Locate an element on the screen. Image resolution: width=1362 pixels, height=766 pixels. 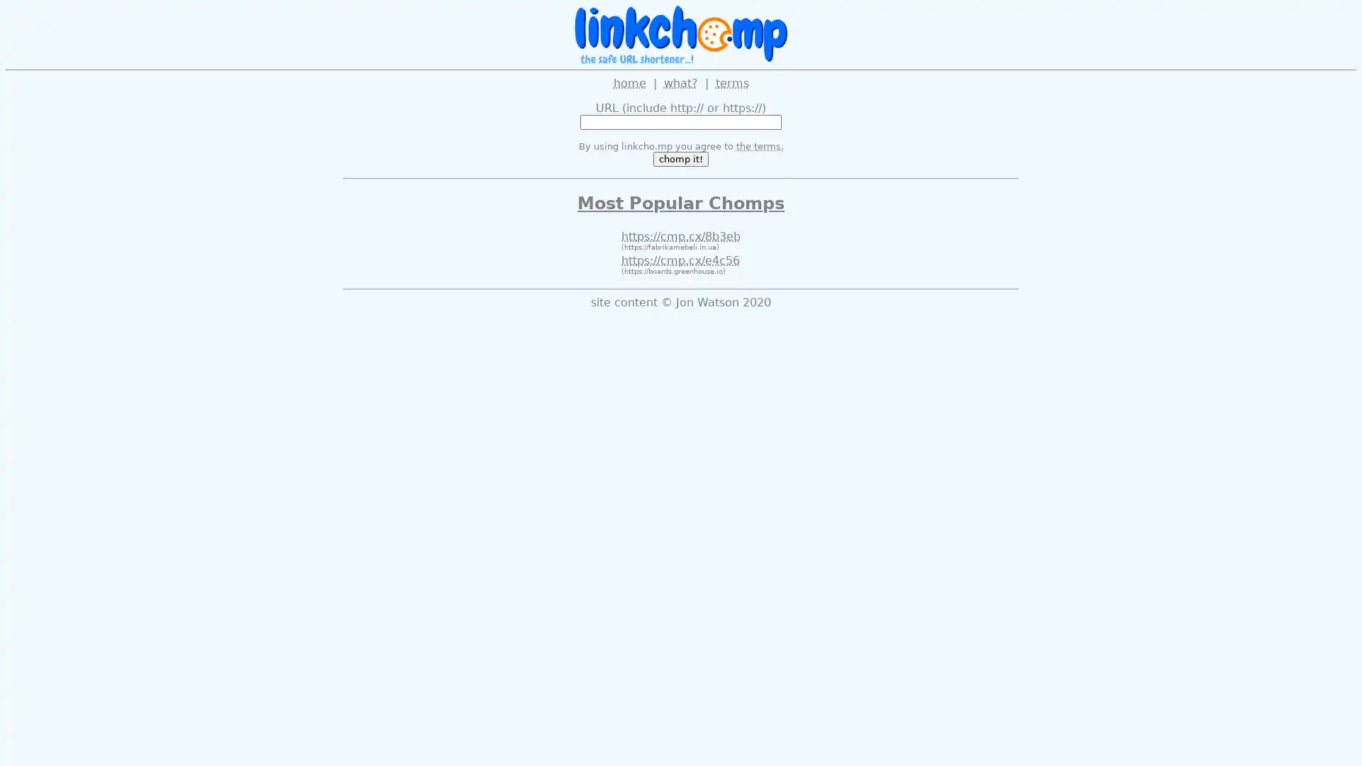
chomp it! is located at coordinates (681, 158).